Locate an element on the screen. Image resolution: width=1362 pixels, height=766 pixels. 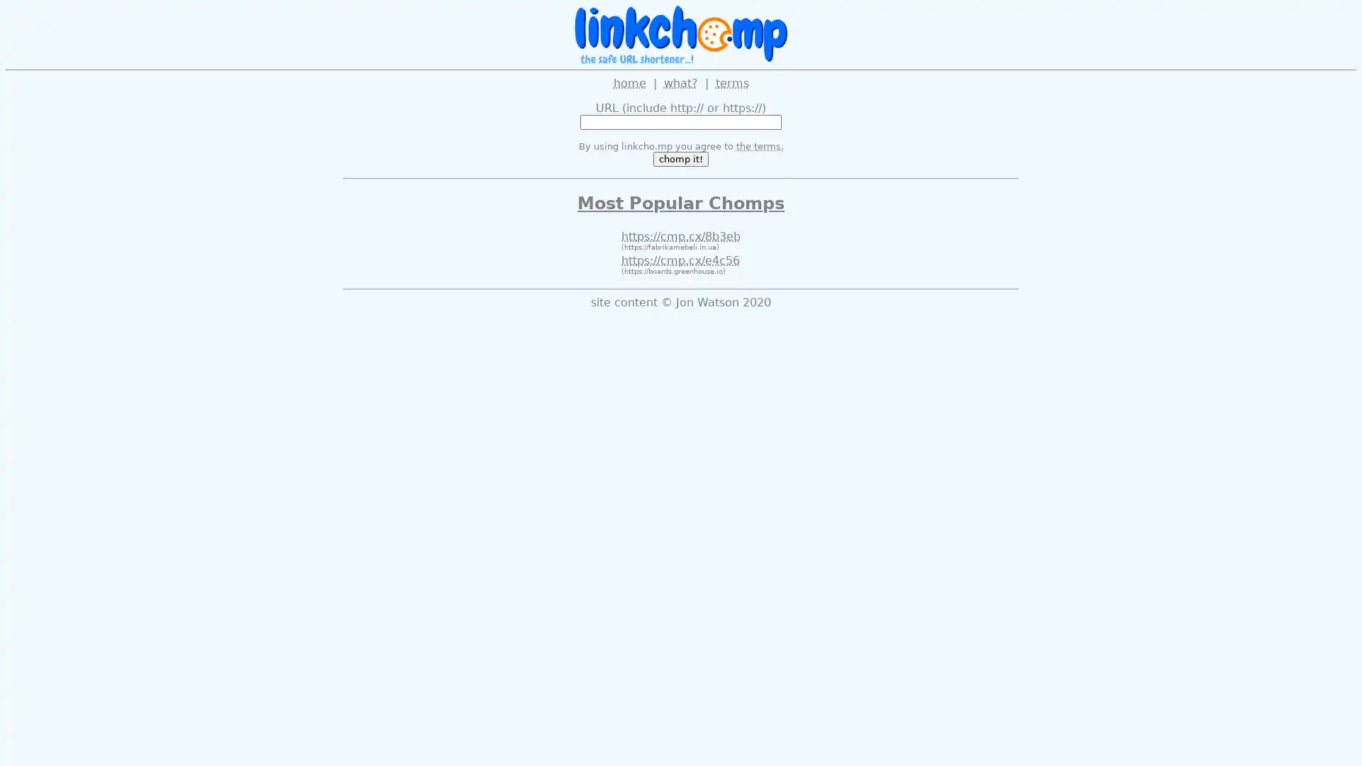
chomp it! is located at coordinates (681, 158).